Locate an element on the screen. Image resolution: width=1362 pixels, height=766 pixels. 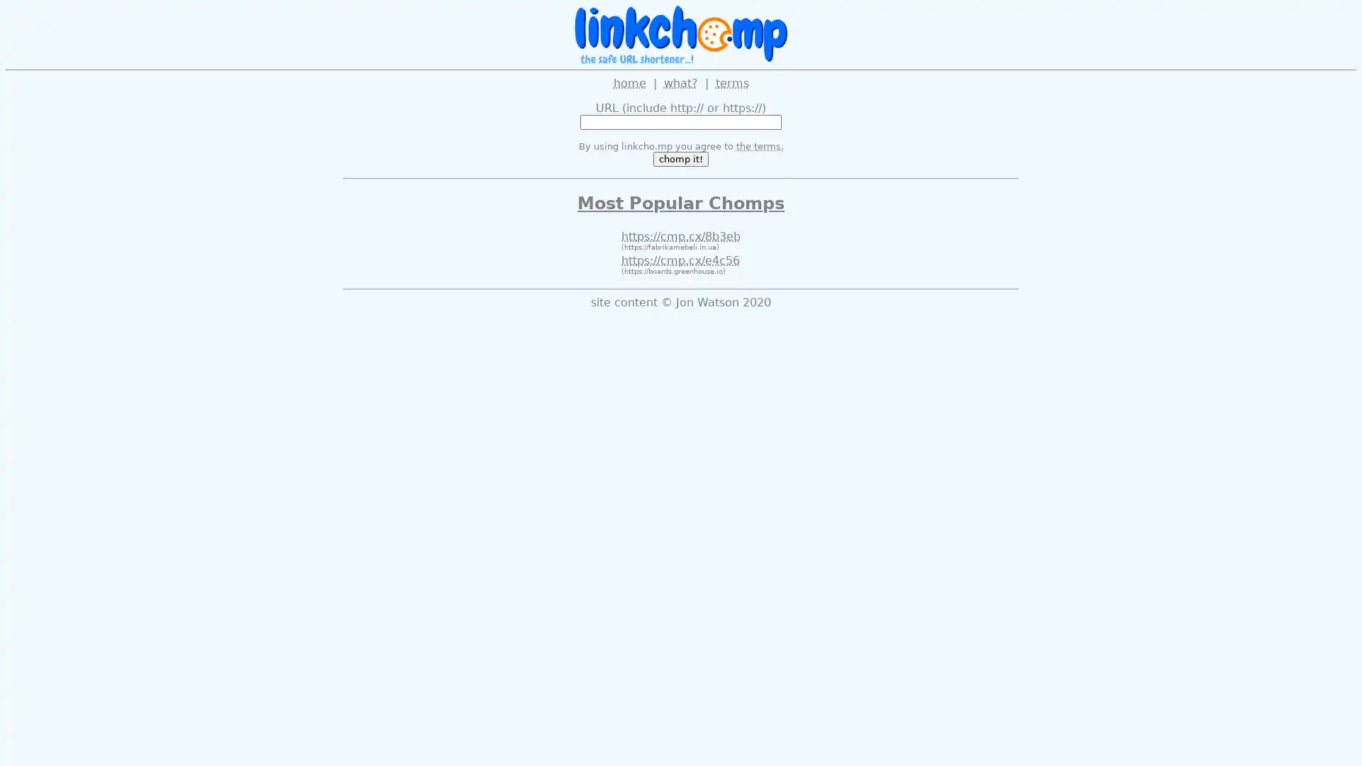
chomp it! is located at coordinates (681, 158).